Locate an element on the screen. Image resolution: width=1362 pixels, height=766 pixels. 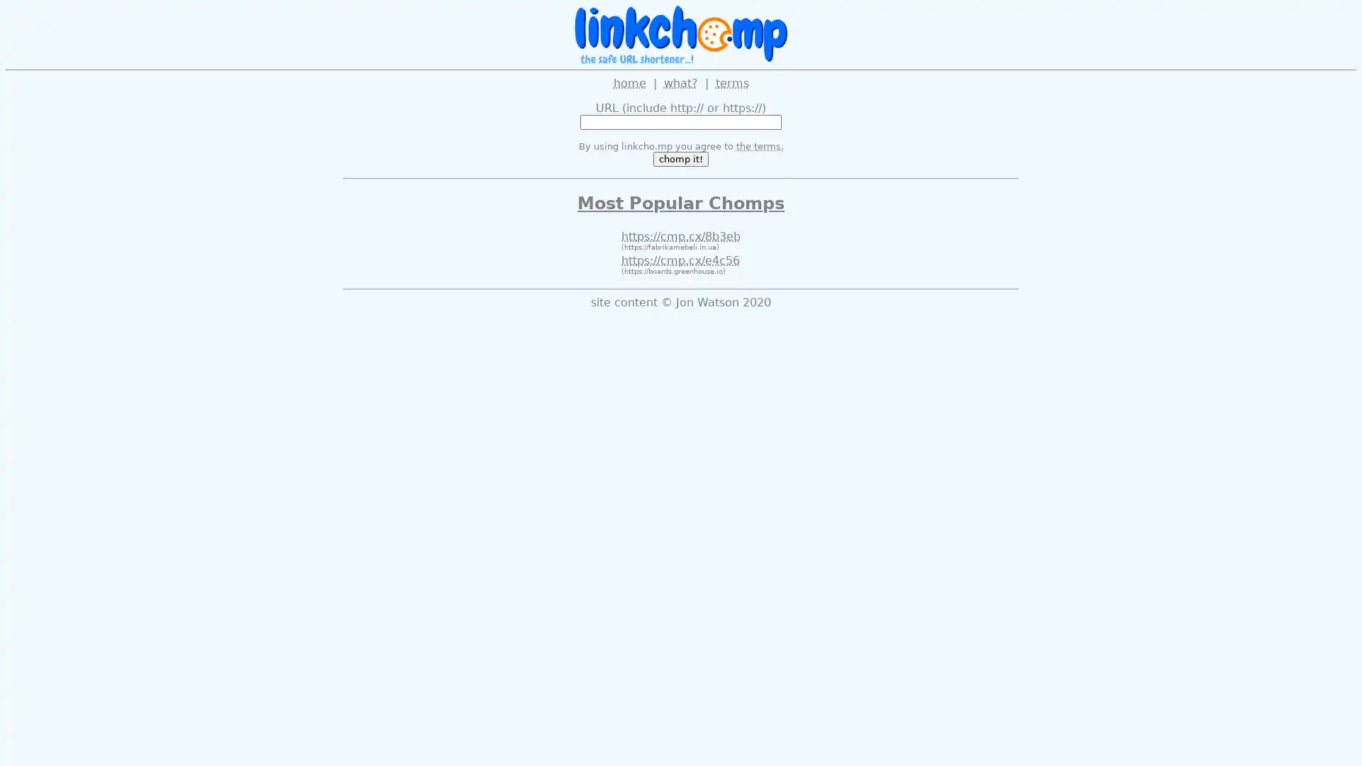
chomp it! is located at coordinates (681, 158).